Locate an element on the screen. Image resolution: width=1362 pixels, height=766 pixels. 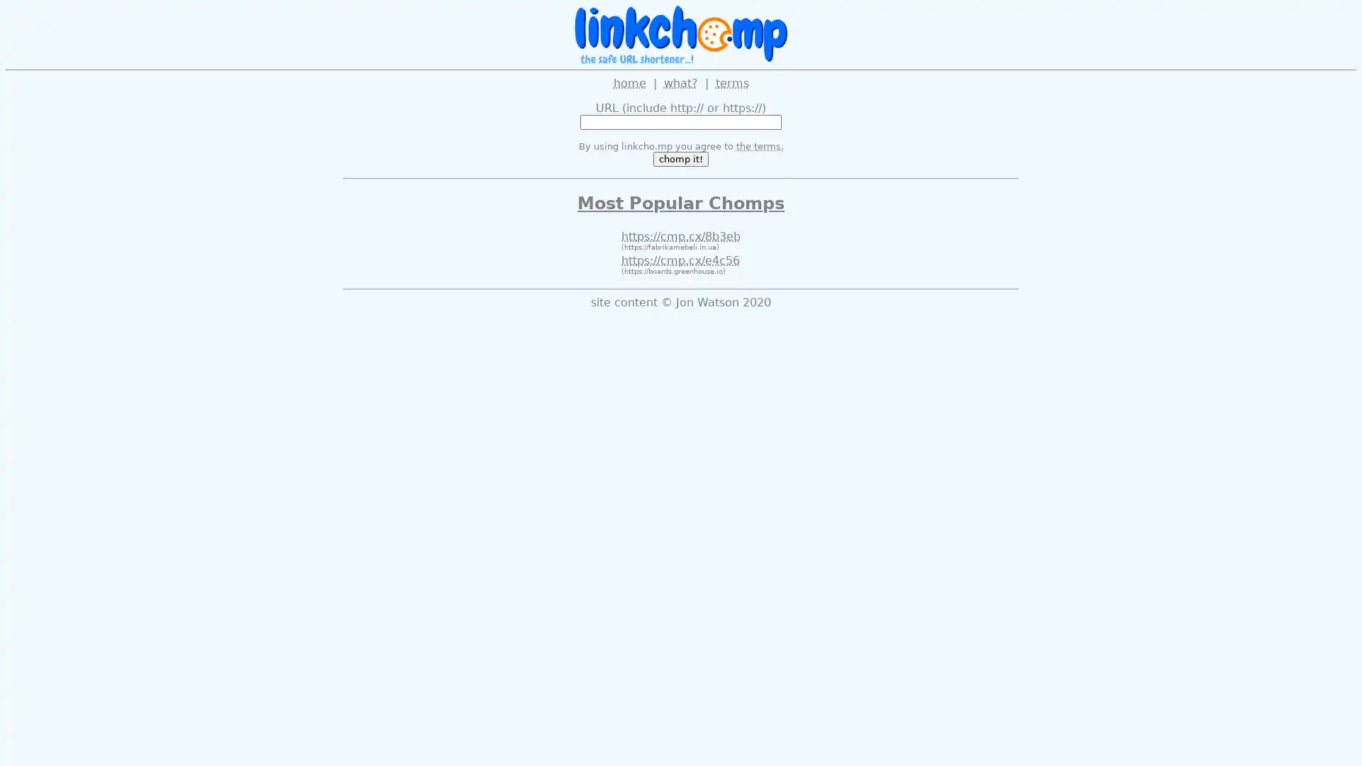
chomp it! is located at coordinates (681, 158).